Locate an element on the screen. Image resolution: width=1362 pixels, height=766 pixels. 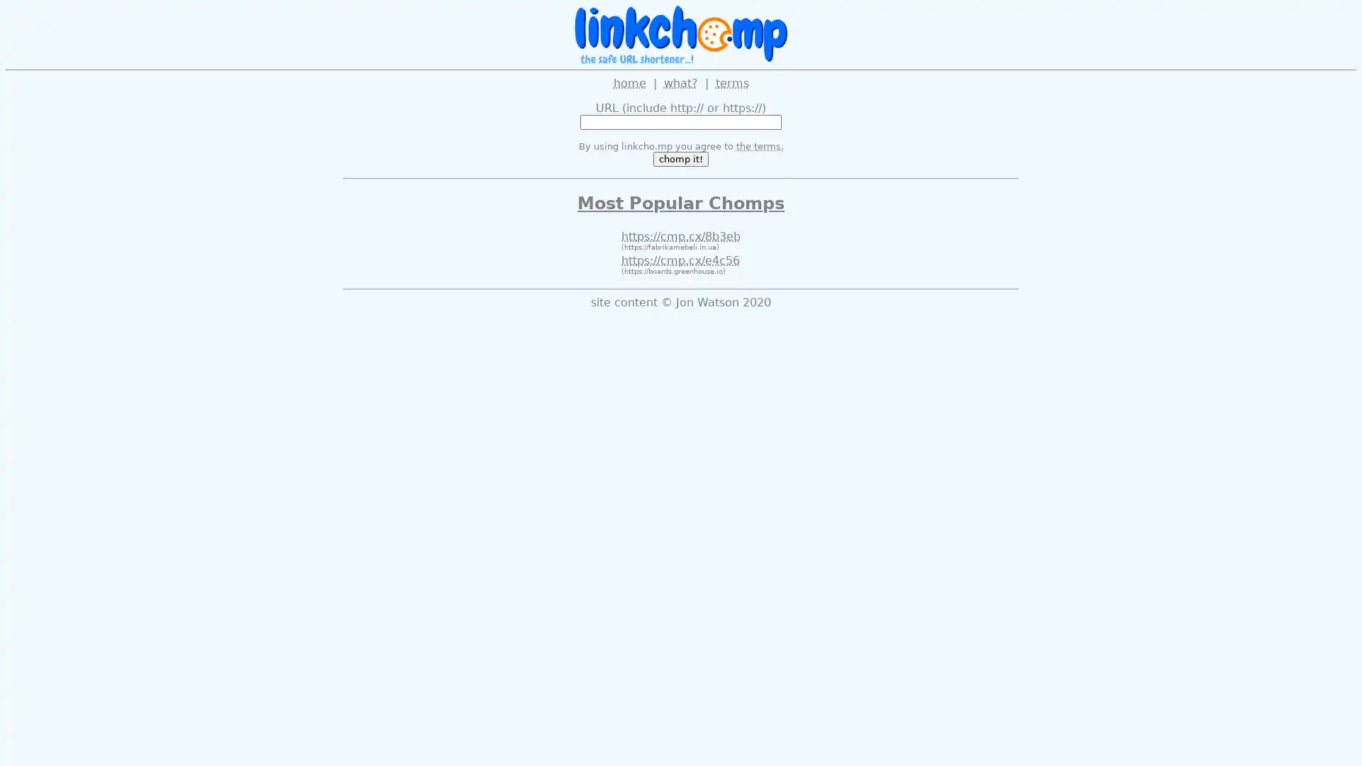
chomp it! is located at coordinates (681, 158).